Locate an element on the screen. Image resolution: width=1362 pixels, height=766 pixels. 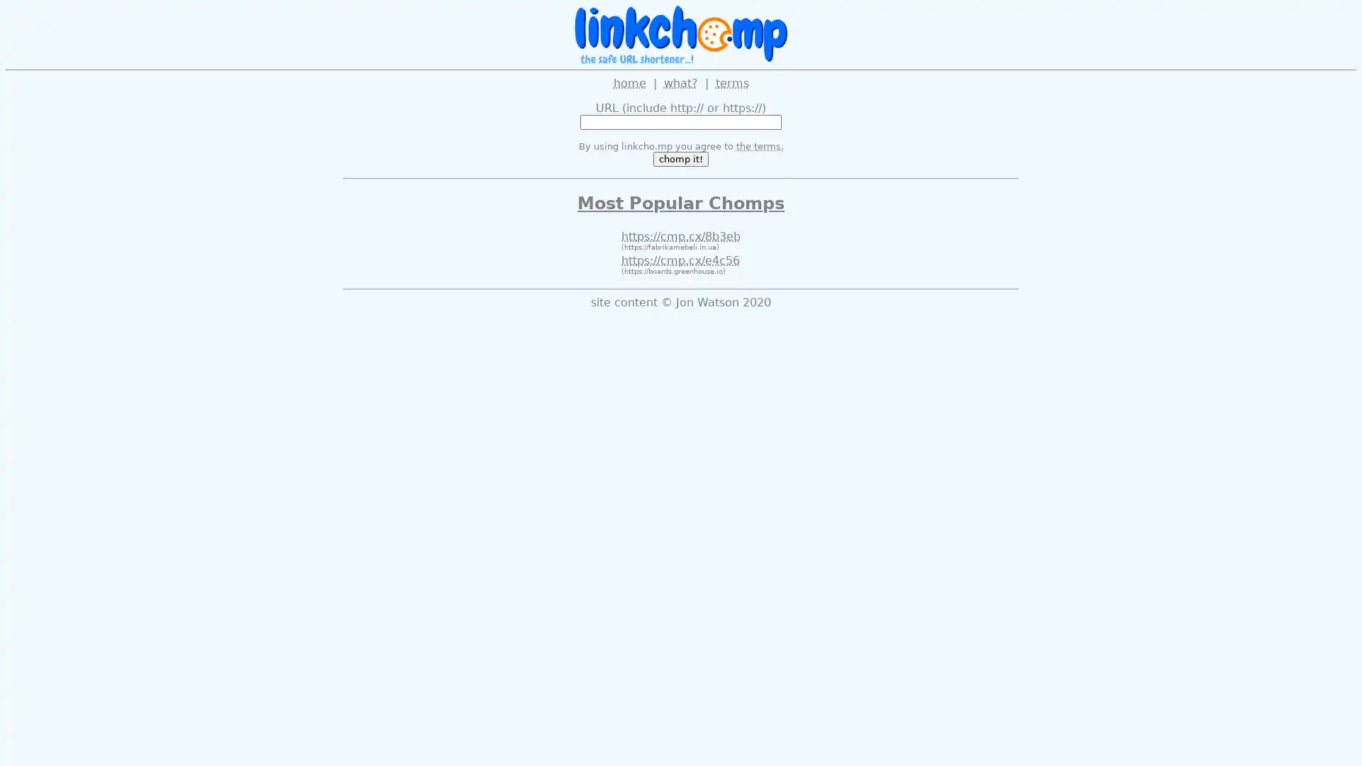
chomp it! is located at coordinates (681, 158).